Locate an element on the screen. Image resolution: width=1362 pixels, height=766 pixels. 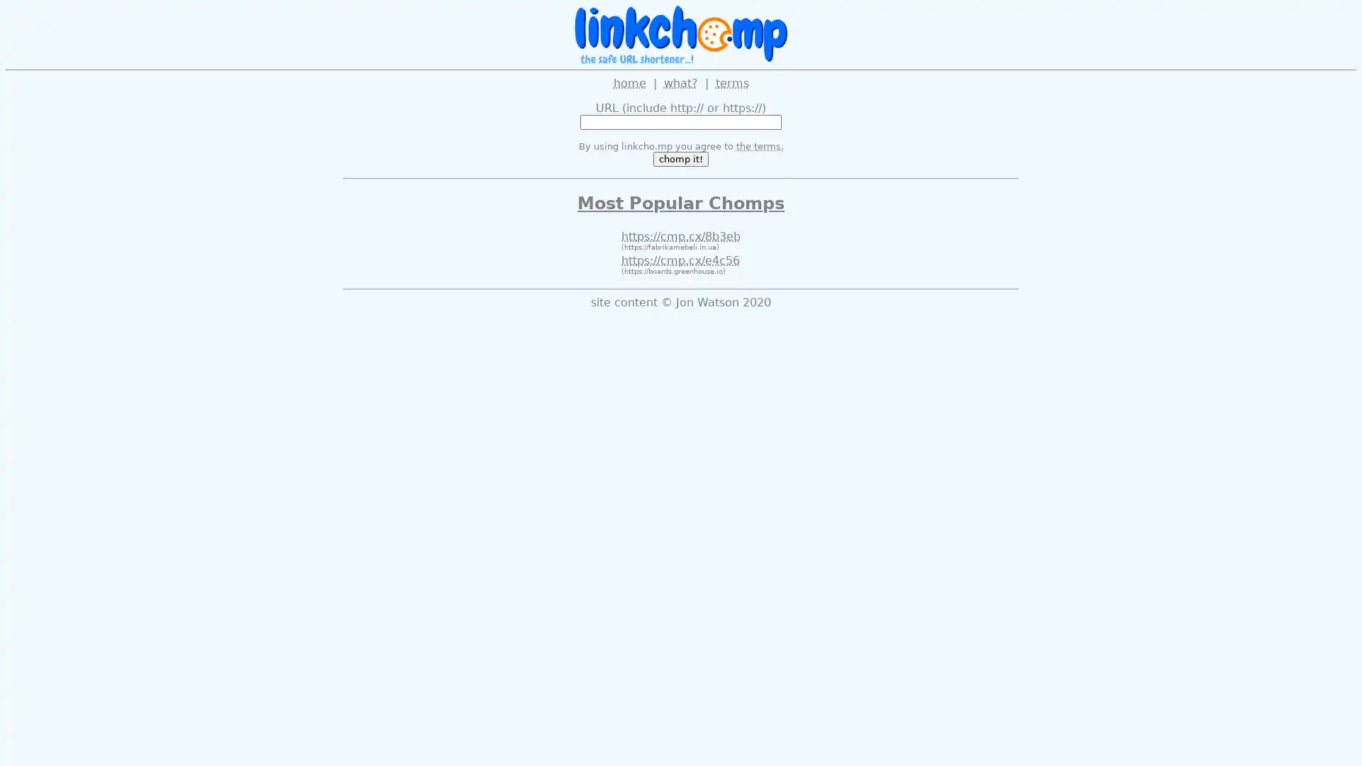
chomp it! is located at coordinates (681, 158).